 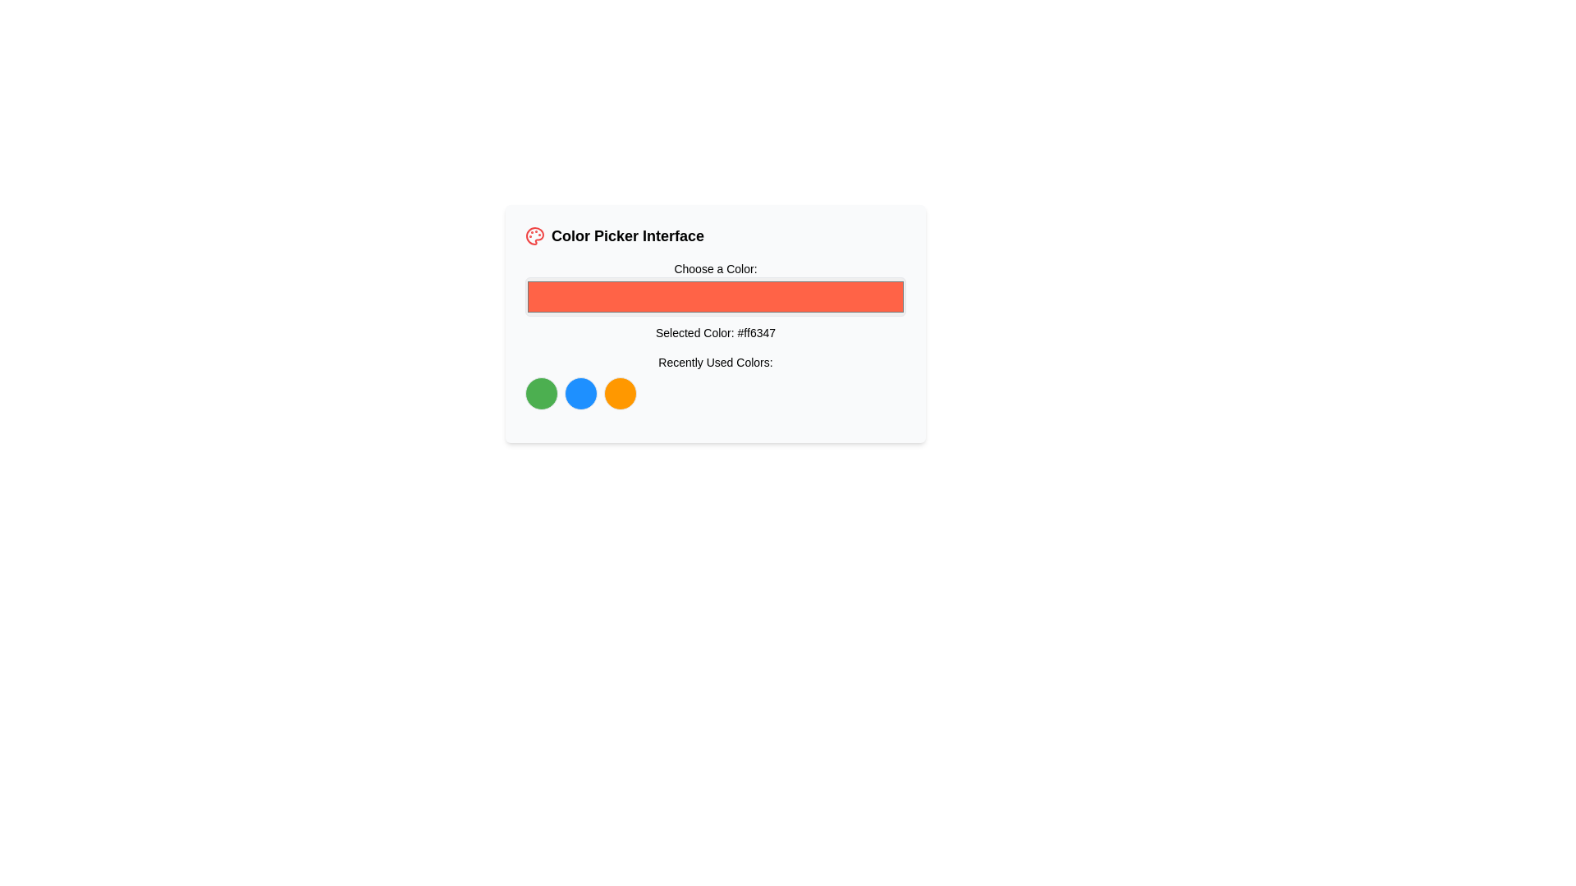 I want to click on the Text Label that serves as the title for the color picker interface, located to the right of the palette icon, so click(x=627, y=236).